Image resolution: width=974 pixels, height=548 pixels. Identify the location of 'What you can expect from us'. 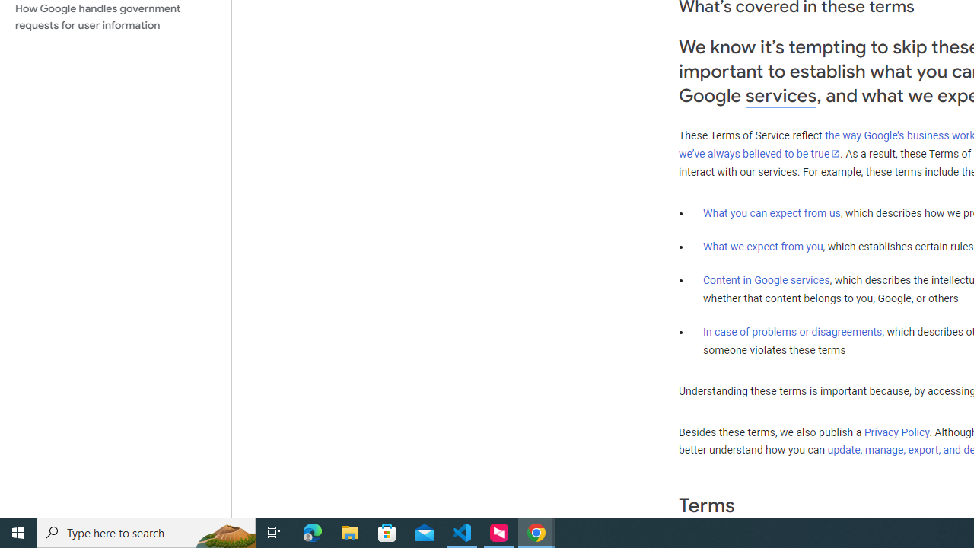
(772, 212).